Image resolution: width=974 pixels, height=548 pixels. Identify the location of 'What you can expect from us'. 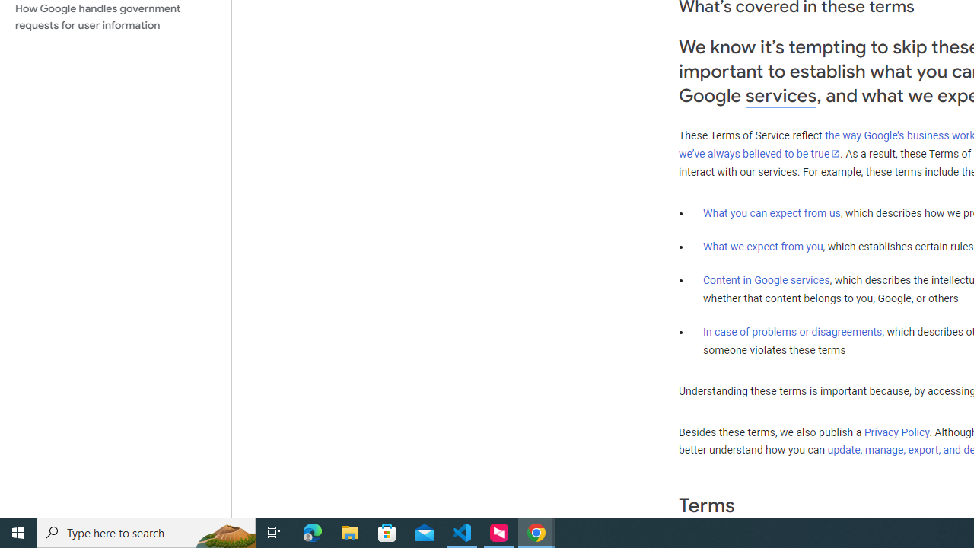
(772, 212).